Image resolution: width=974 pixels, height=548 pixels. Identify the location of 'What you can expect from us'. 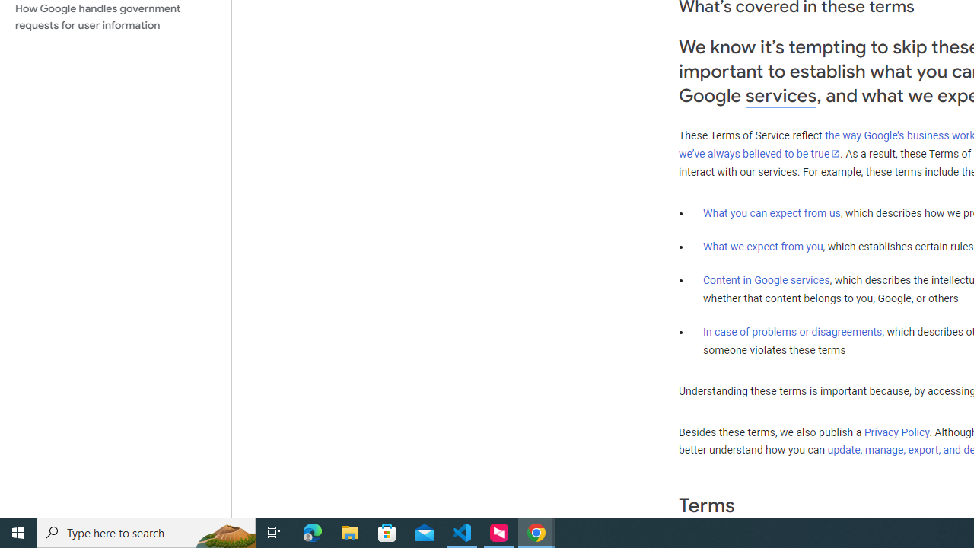
(772, 212).